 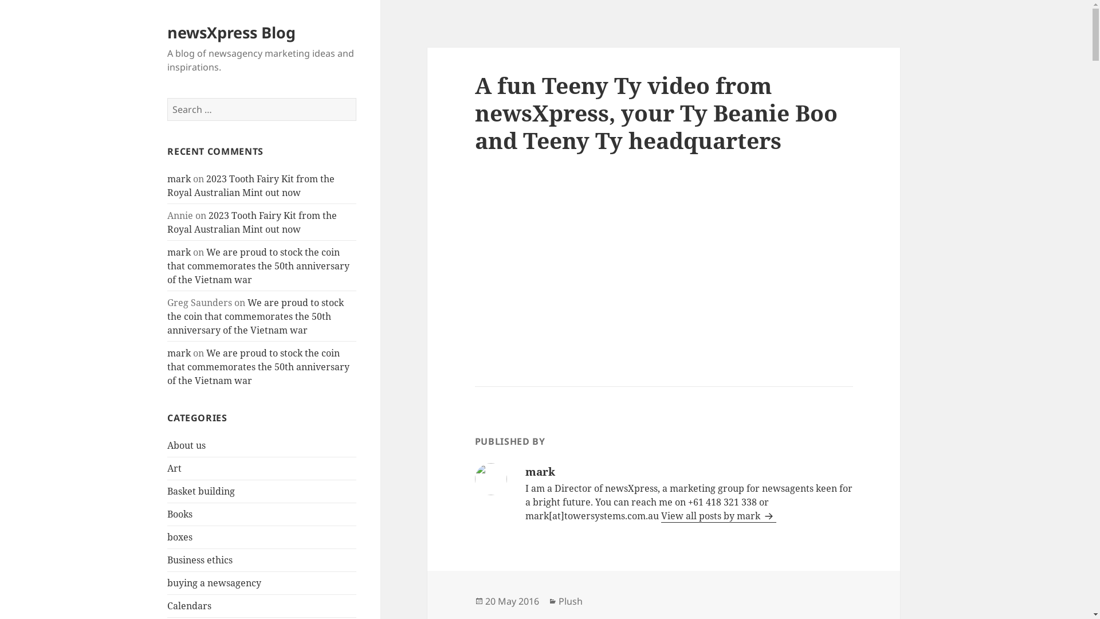 I want to click on '2023 Tooth Fairy Kit from the Royal Australian Mint out now', so click(x=252, y=222).